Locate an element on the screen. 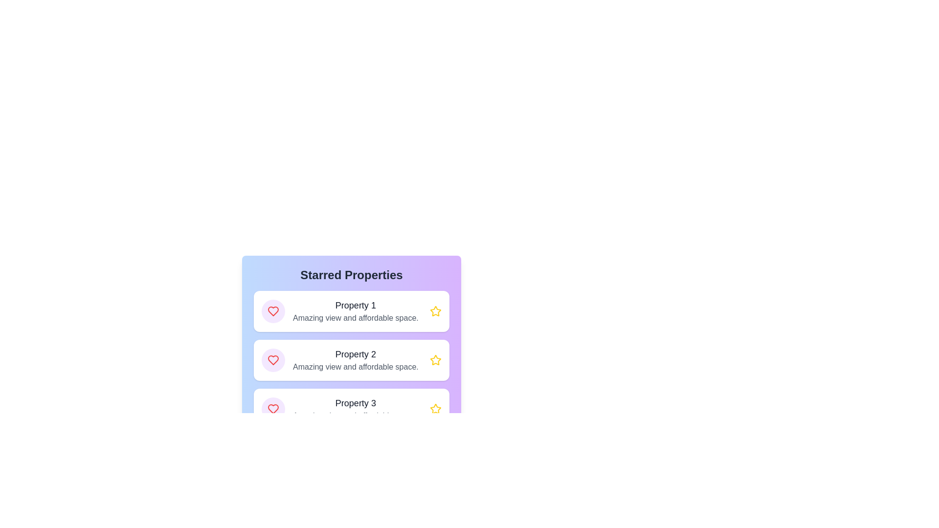 This screenshot has width=939, height=528. the second Interactive star icon in the 'Starred Properties' section is located at coordinates (435, 360).